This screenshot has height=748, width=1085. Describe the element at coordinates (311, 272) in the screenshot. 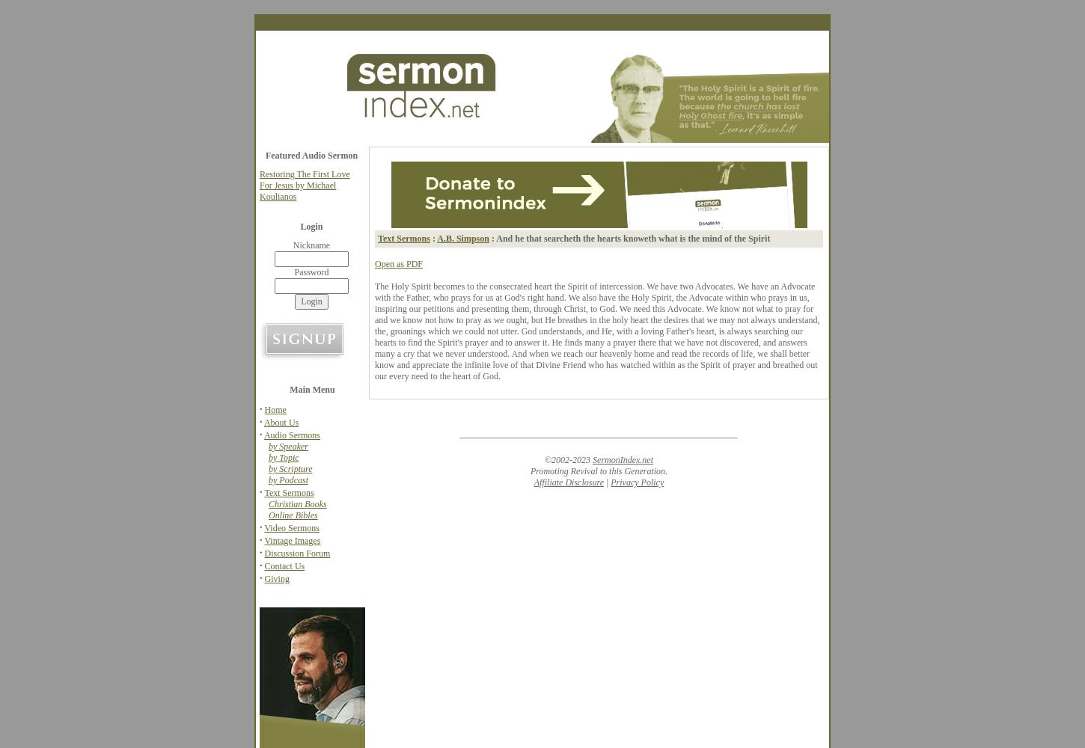

I see `'Password'` at that location.